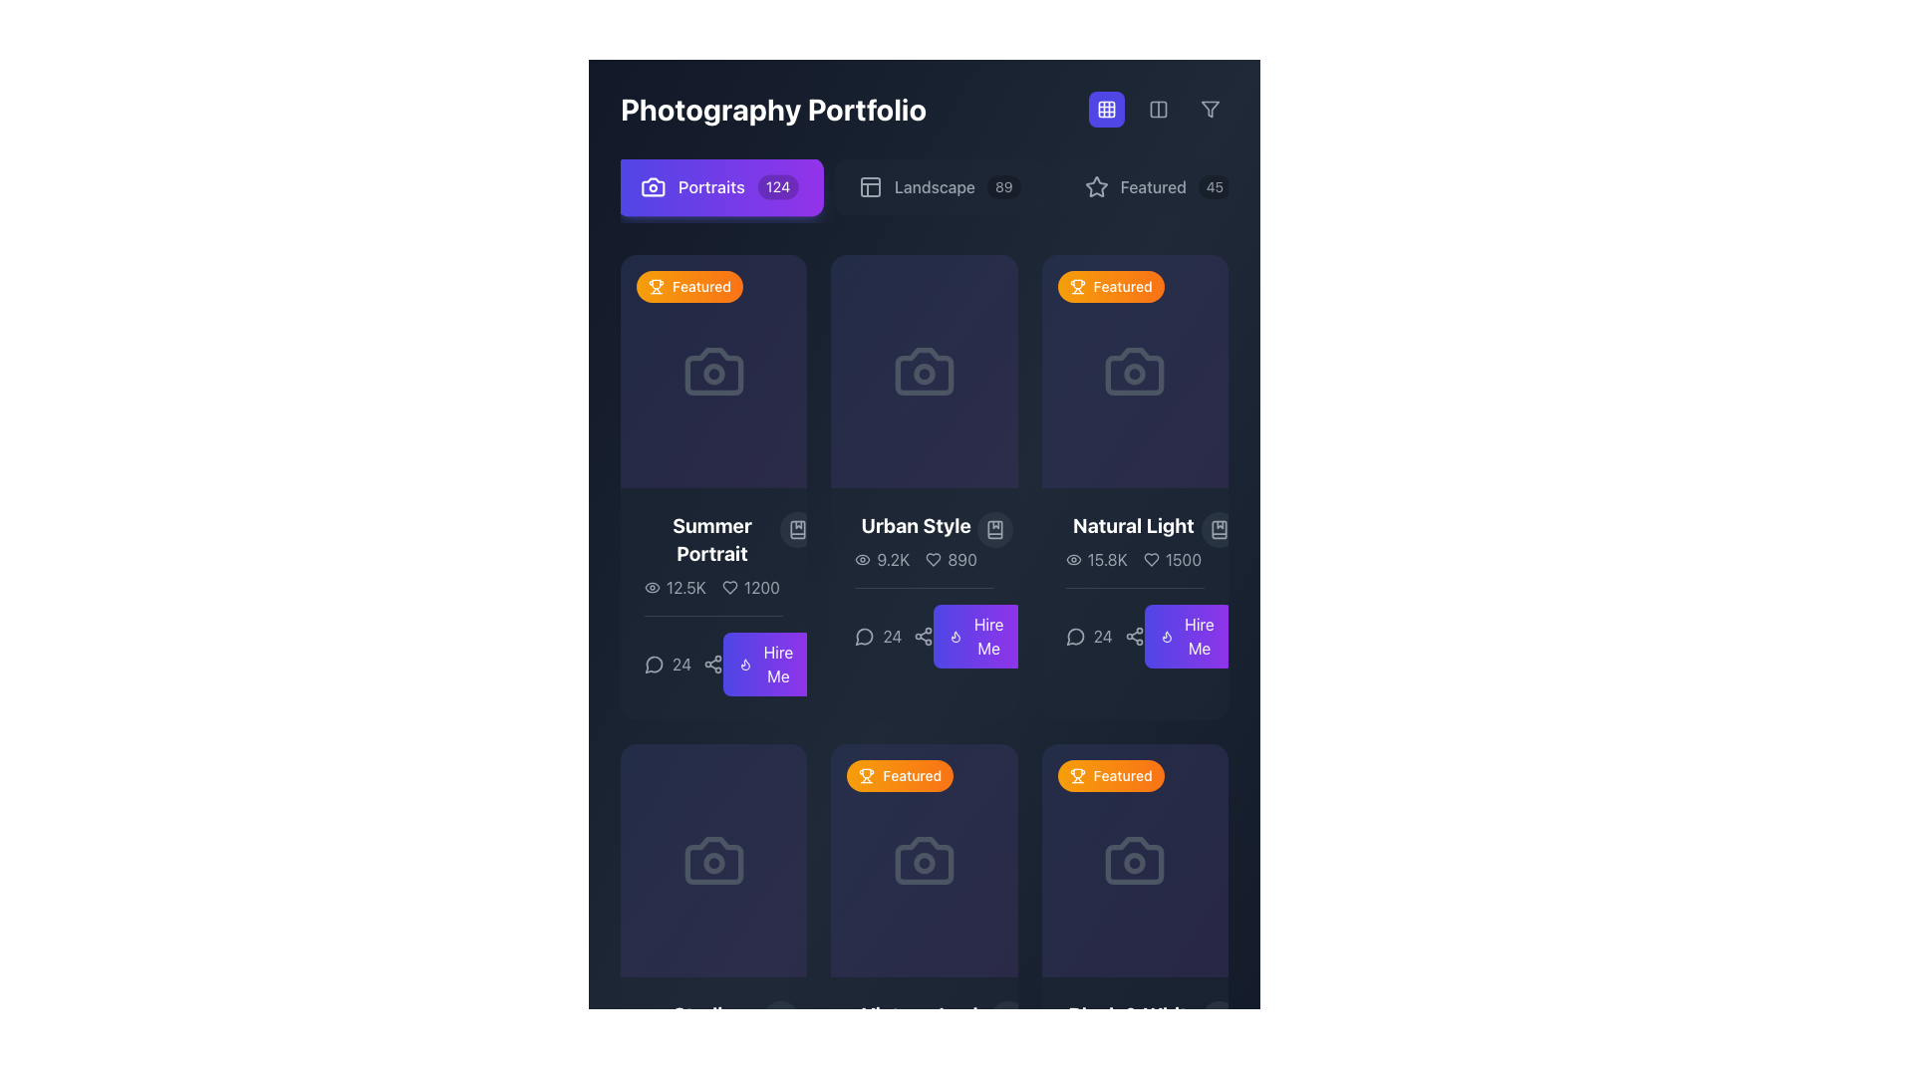 The image size is (1913, 1076). What do you see at coordinates (713, 556) in the screenshot?
I see `the text block that serves as a title and description for the first photography item in the portfolio grid` at bounding box center [713, 556].